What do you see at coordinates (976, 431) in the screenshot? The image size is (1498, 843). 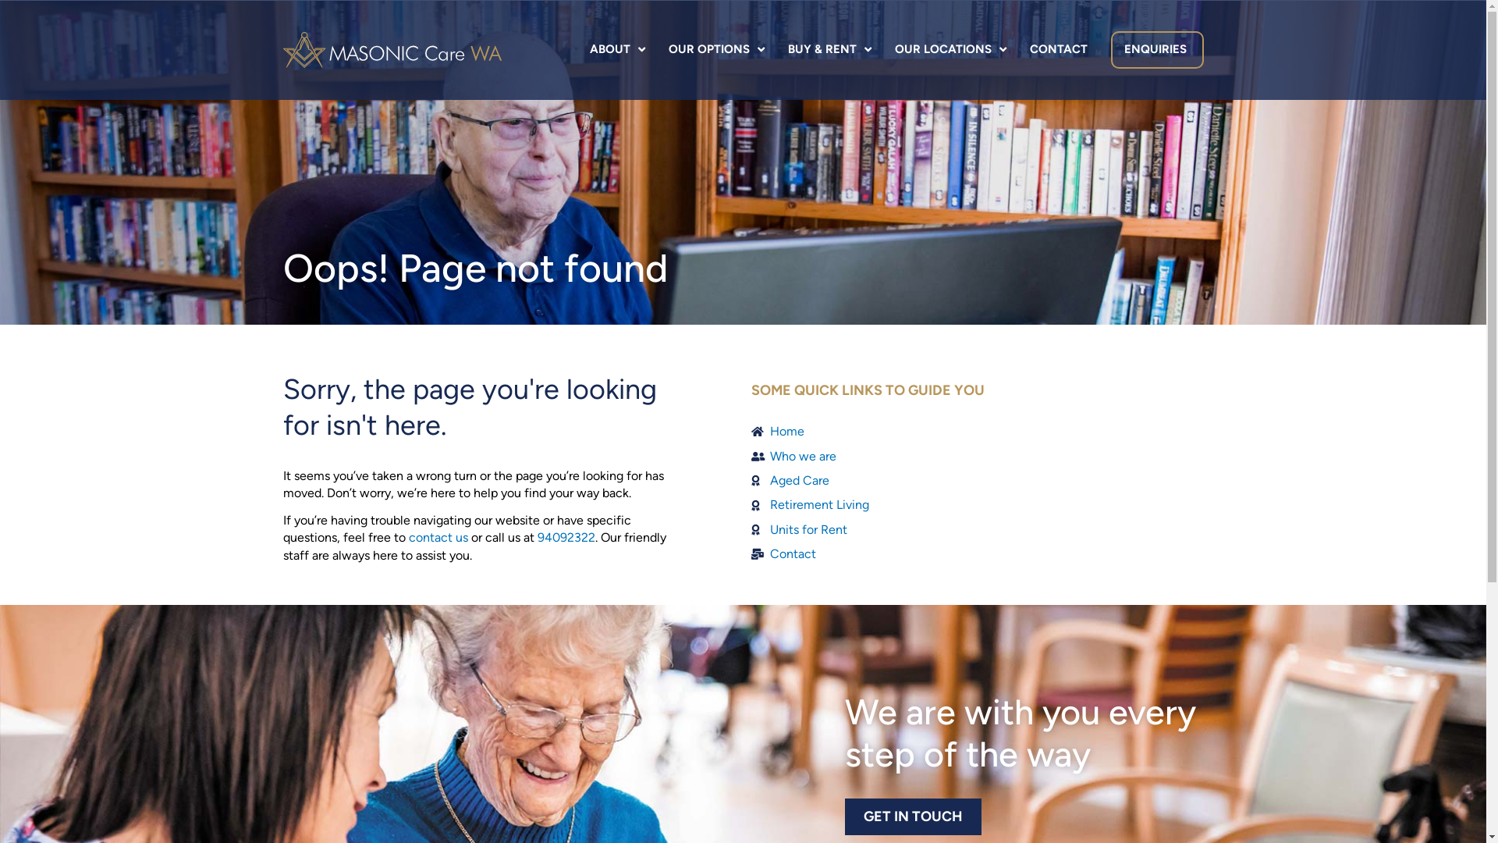 I see `'Home'` at bounding box center [976, 431].